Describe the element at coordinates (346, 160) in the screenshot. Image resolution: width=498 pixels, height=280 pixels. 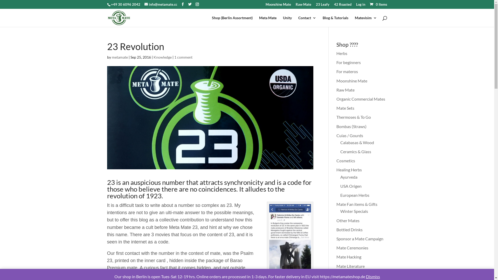
I see `'Cosmetics'` at that location.